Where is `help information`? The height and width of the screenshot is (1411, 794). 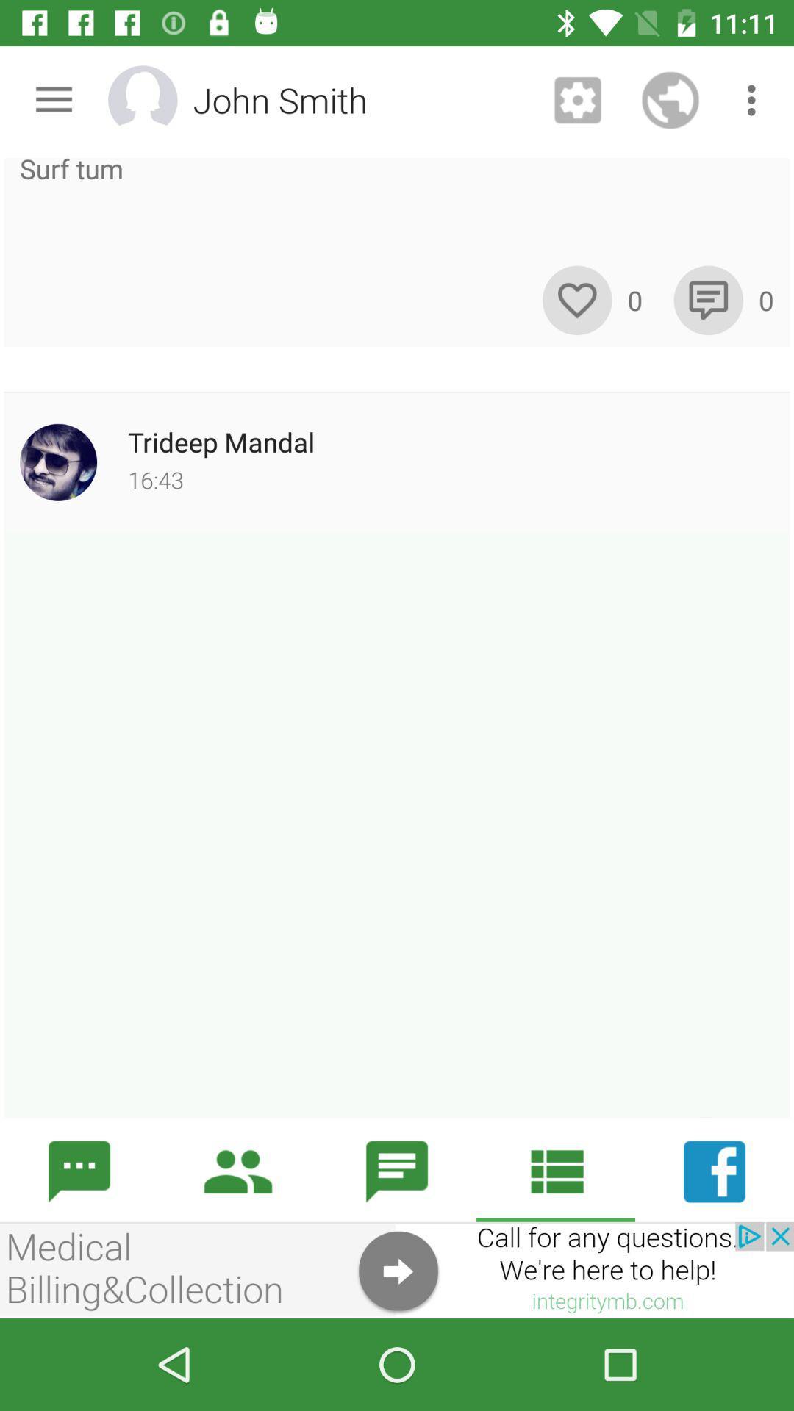 help information is located at coordinates (397, 1269).